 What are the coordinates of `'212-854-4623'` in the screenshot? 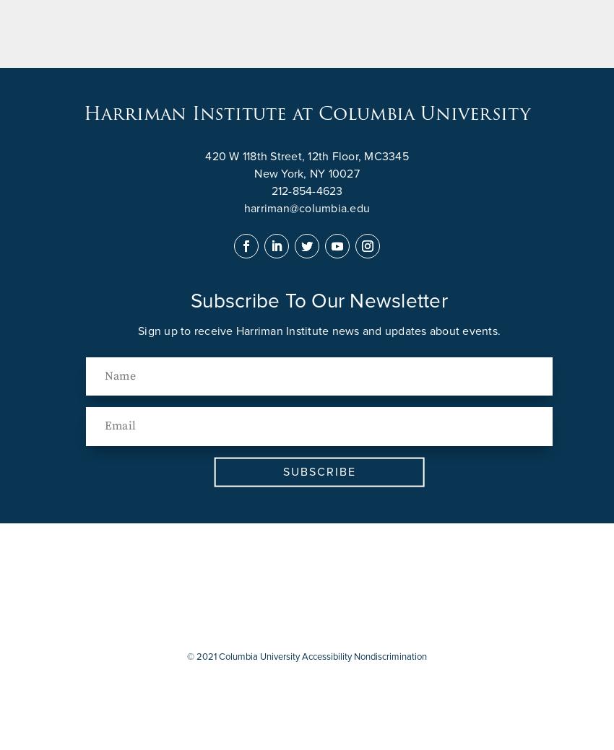 It's located at (306, 191).